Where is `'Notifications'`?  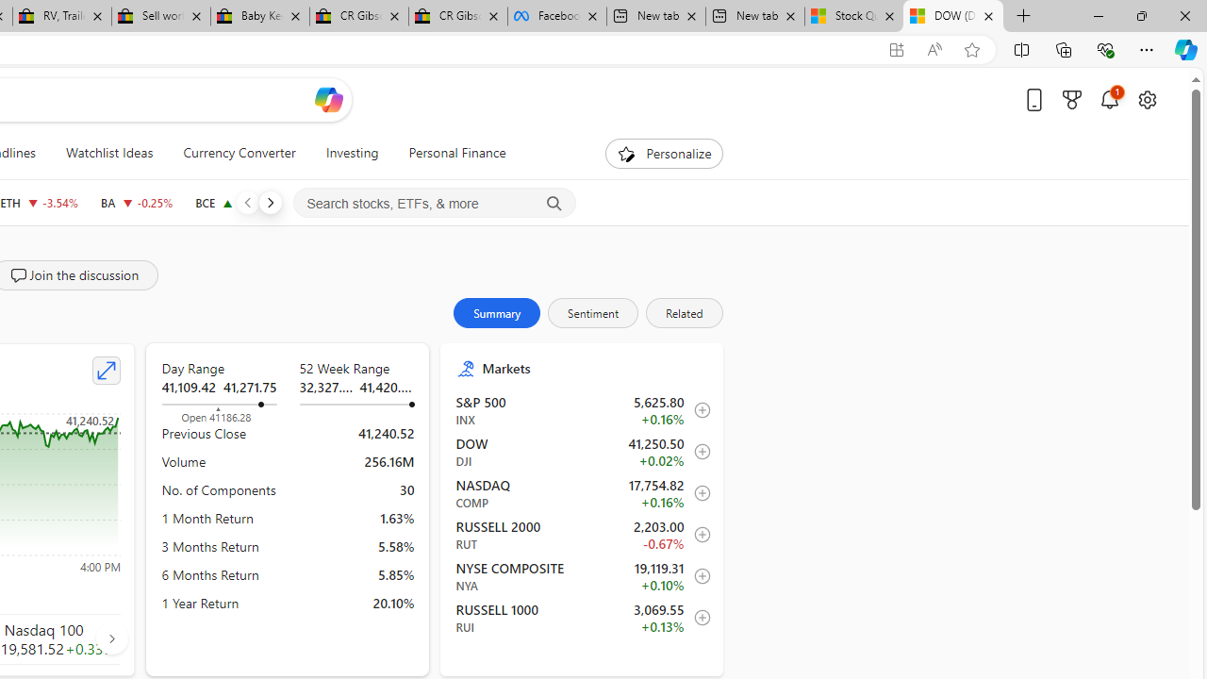
'Notifications' is located at coordinates (1109, 99).